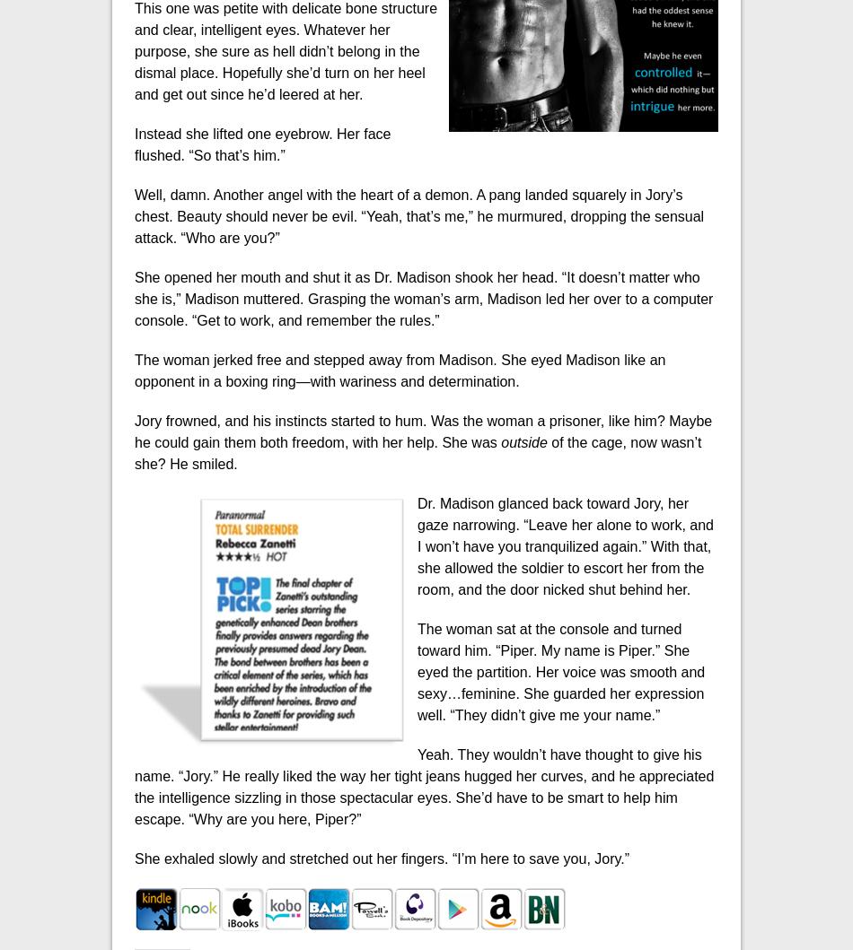  What do you see at coordinates (135, 431) in the screenshot?
I see `'Jory frowned, and his instincts started to hum. Was the woman a prisoner, like him? Maybe he could gain them both freedom, with her help. She was'` at bounding box center [135, 431].